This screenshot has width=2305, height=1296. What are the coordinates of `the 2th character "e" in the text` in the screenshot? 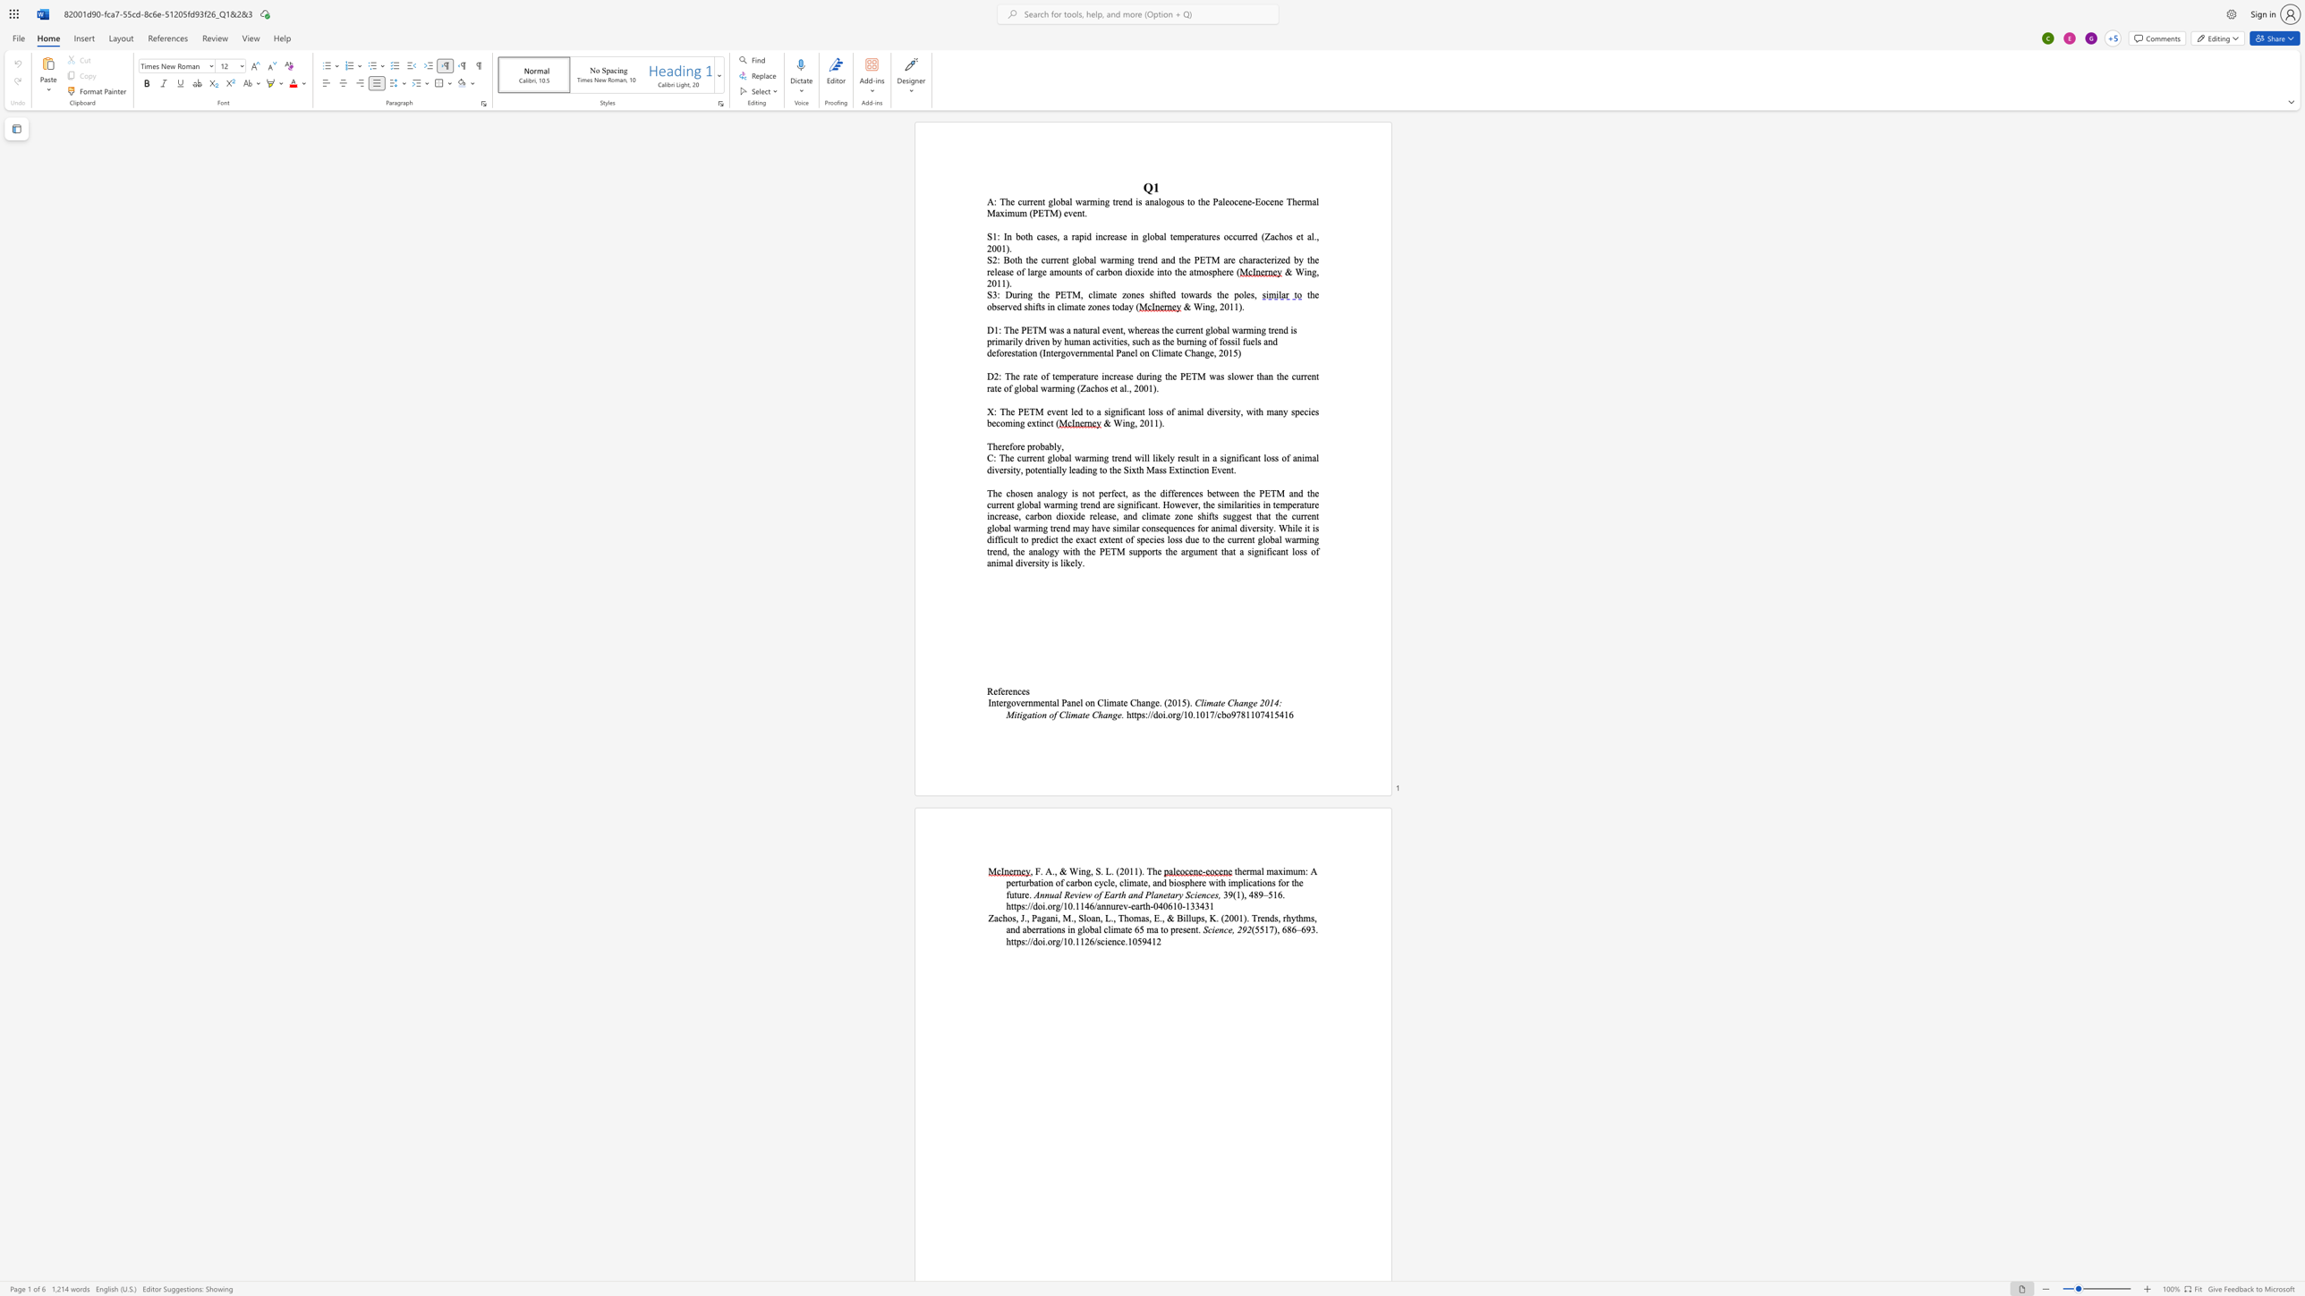 It's located at (1268, 259).